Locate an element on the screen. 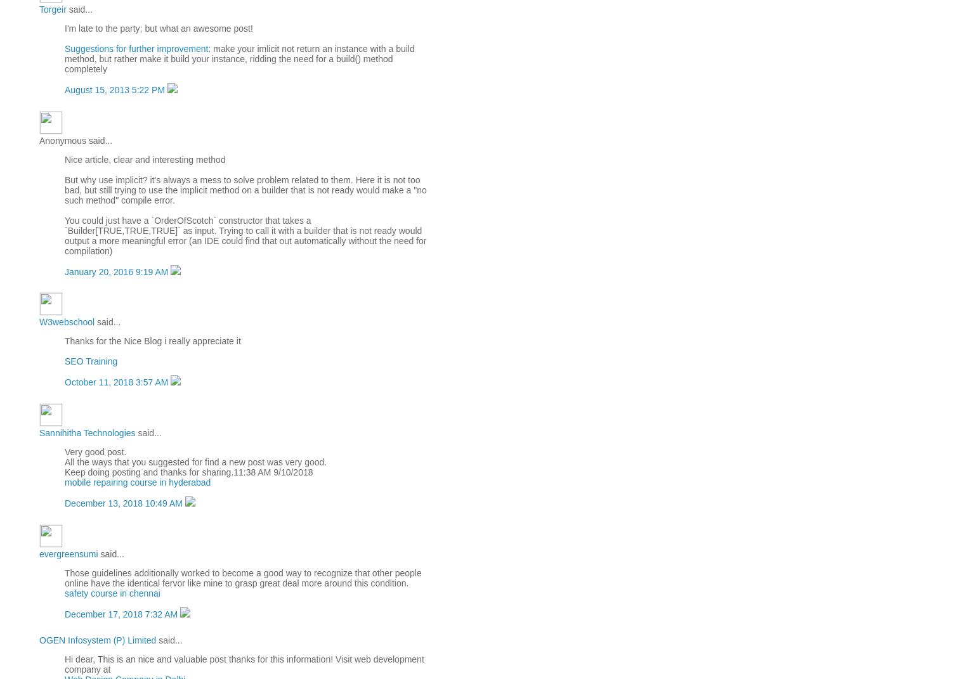 This screenshot has width=980, height=679. 'August 15, 2013 5:22 PM' is located at coordinates (115, 89).